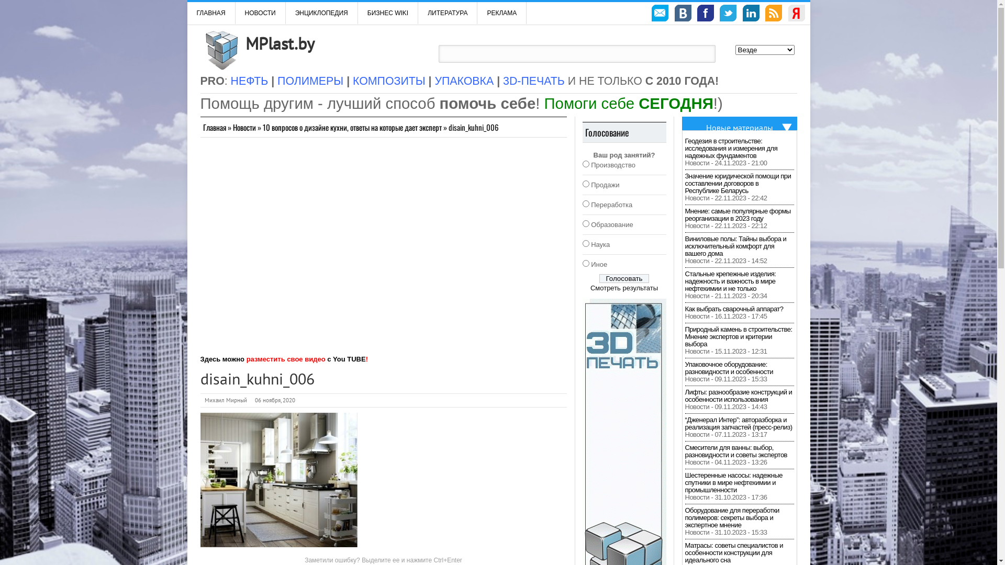  I want to click on 'Twitter Mplast.by', so click(728, 14).